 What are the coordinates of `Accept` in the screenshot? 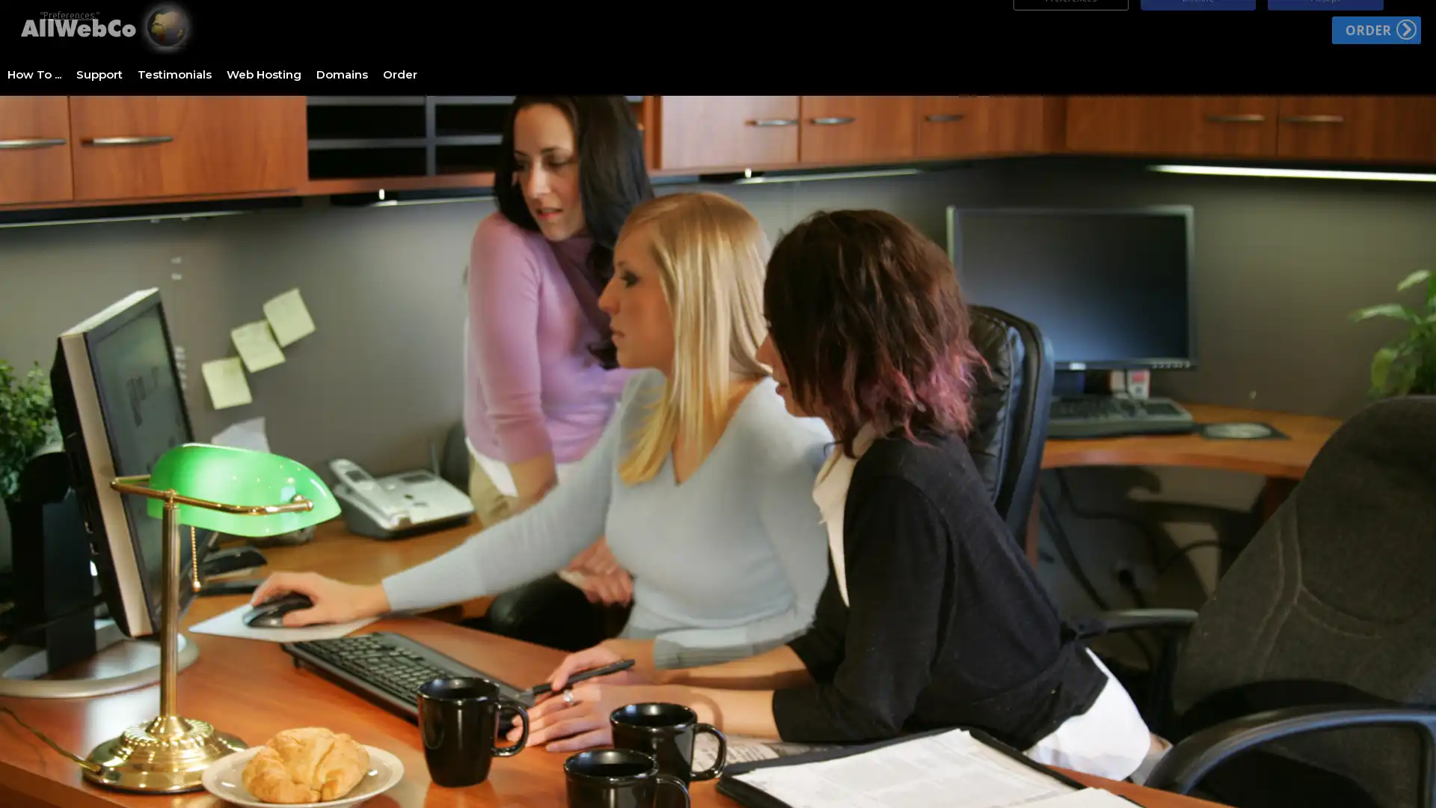 It's located at (1325, 51).